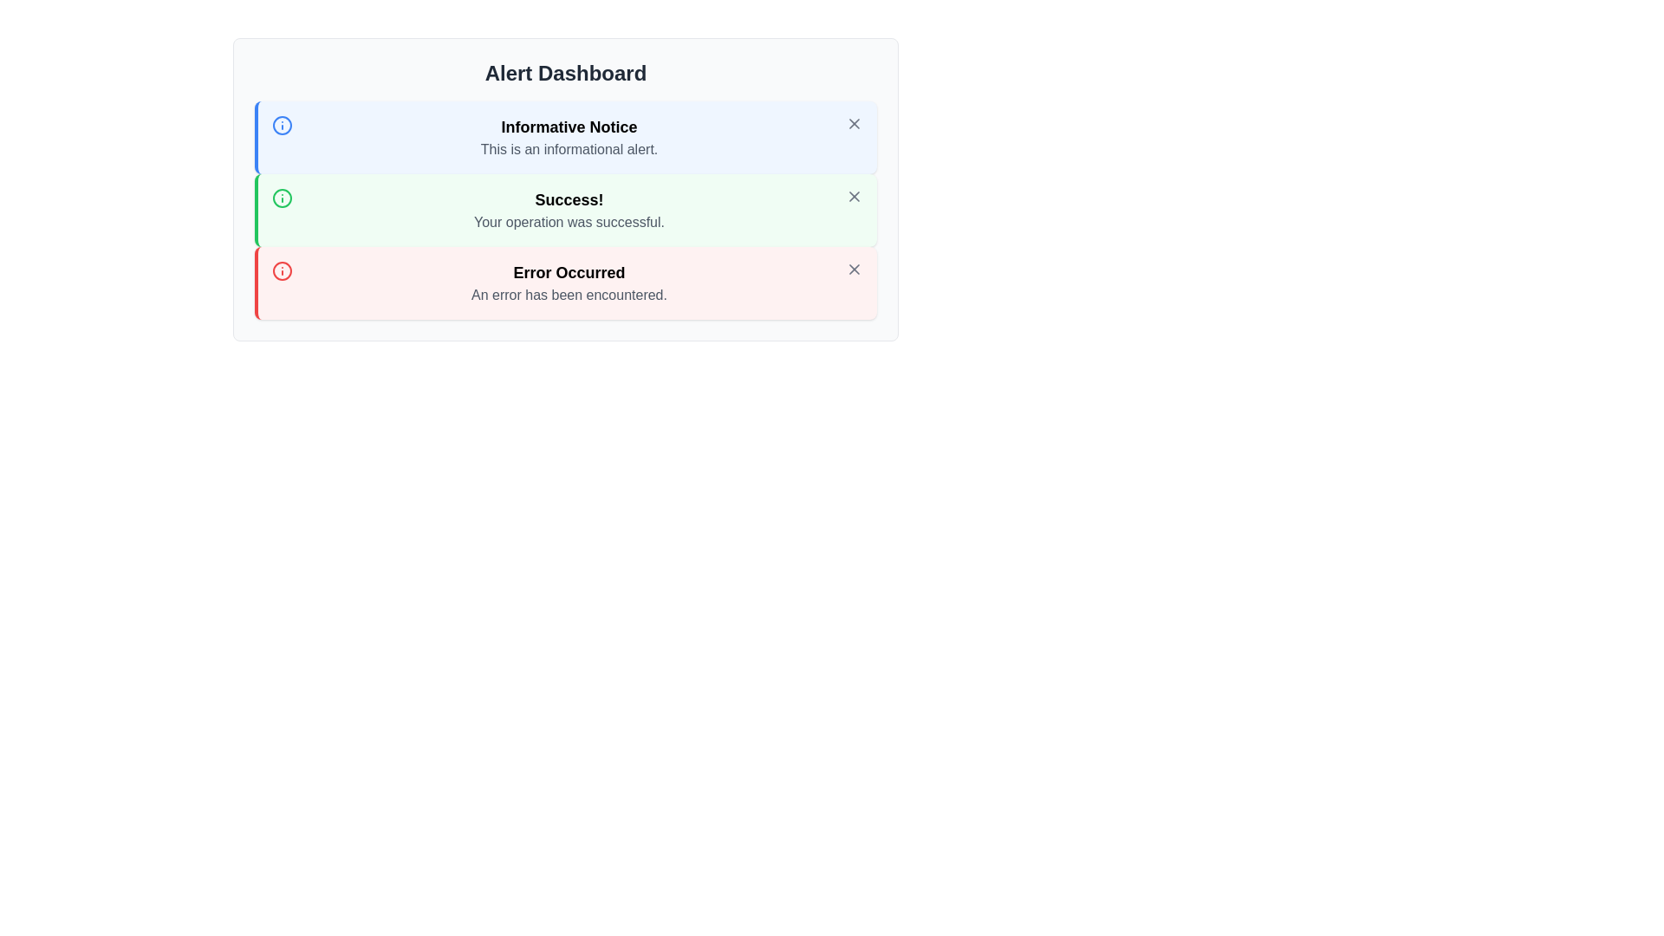 The width and height of the screenshot is (1664, 936). I want to click on the diagonal line of the close icon located in the center-right portion of the alert box that contains the text 'Success! Your operation was successful.', so click(854, 196).